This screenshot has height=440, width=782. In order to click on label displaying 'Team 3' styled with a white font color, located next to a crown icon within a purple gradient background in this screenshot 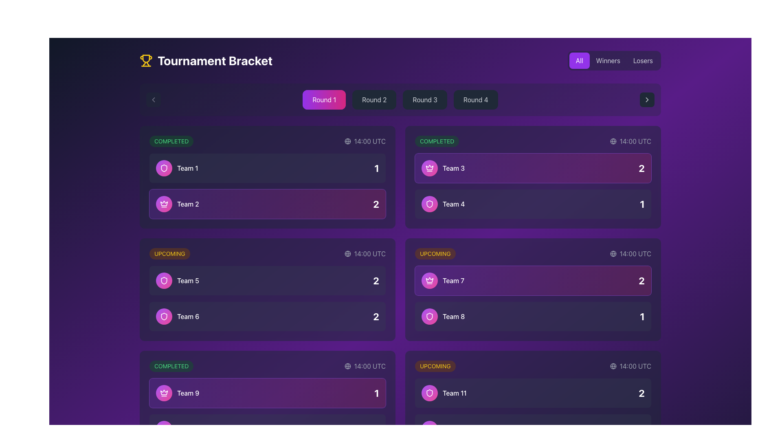, I will do `click(453, 167)`.